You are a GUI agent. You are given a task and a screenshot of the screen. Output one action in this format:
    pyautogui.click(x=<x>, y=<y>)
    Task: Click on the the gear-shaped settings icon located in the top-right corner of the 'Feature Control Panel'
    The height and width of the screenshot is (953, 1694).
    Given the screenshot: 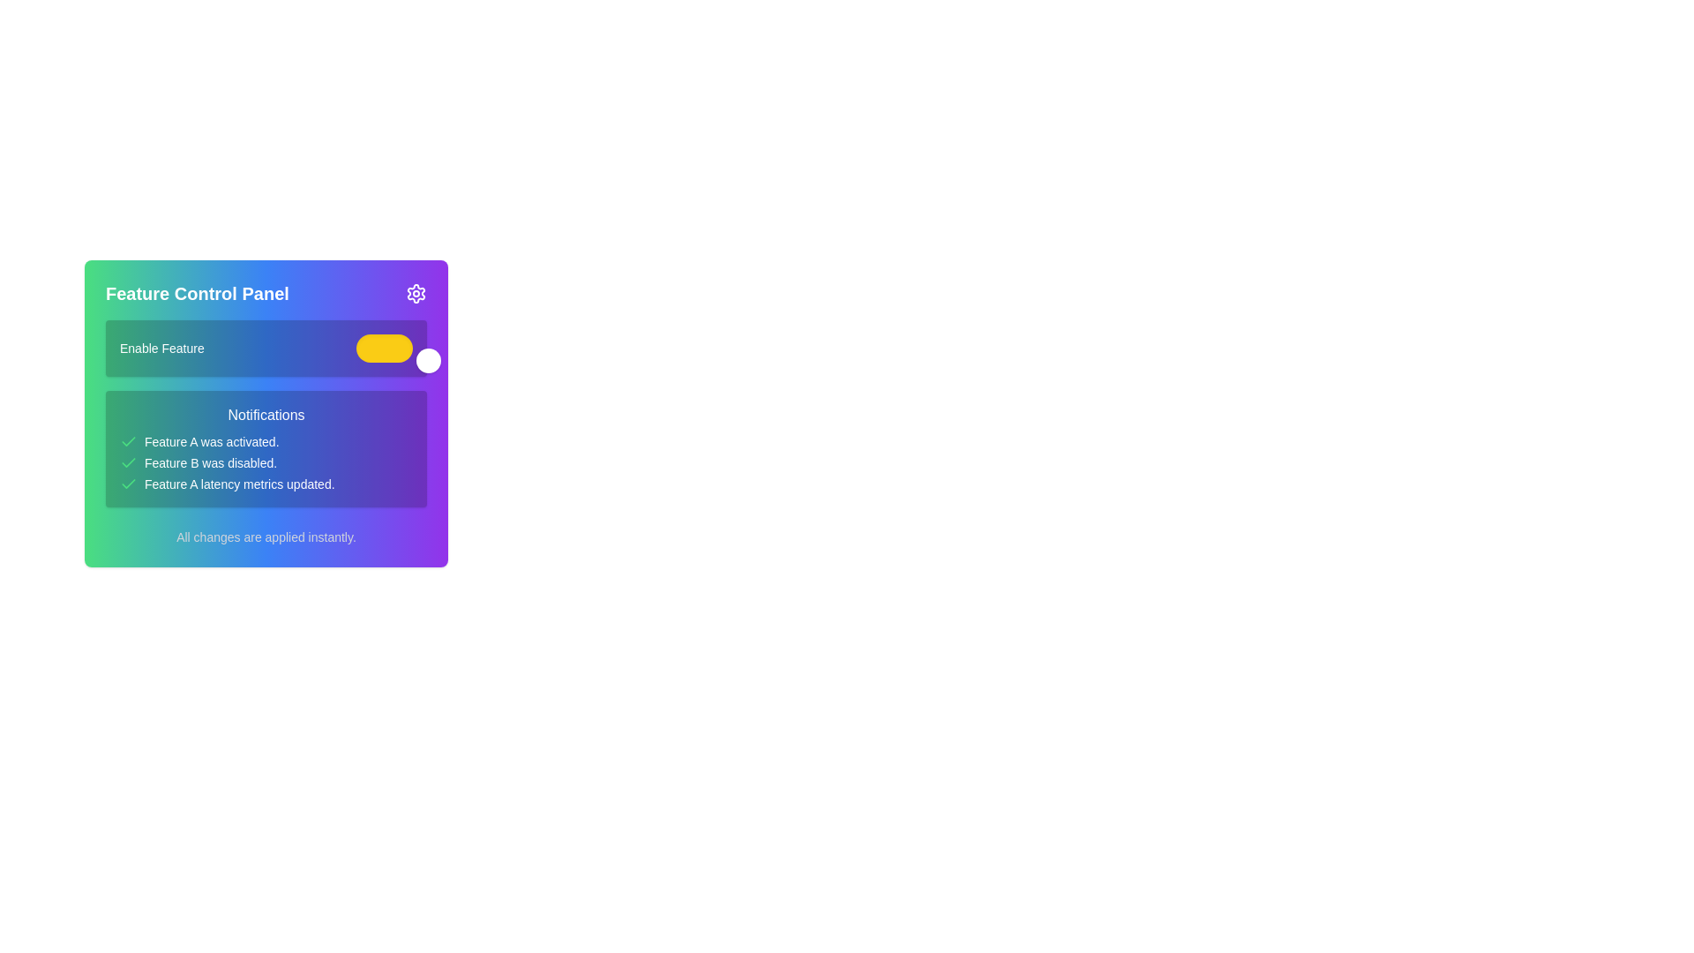 What is the action you would take?
    pyautogui.click(x=415, y=292)
    